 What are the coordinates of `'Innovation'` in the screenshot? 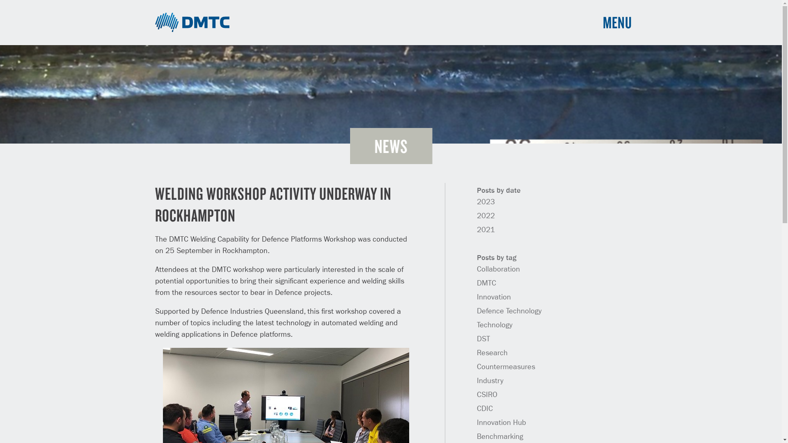 It's located at (493, 297).